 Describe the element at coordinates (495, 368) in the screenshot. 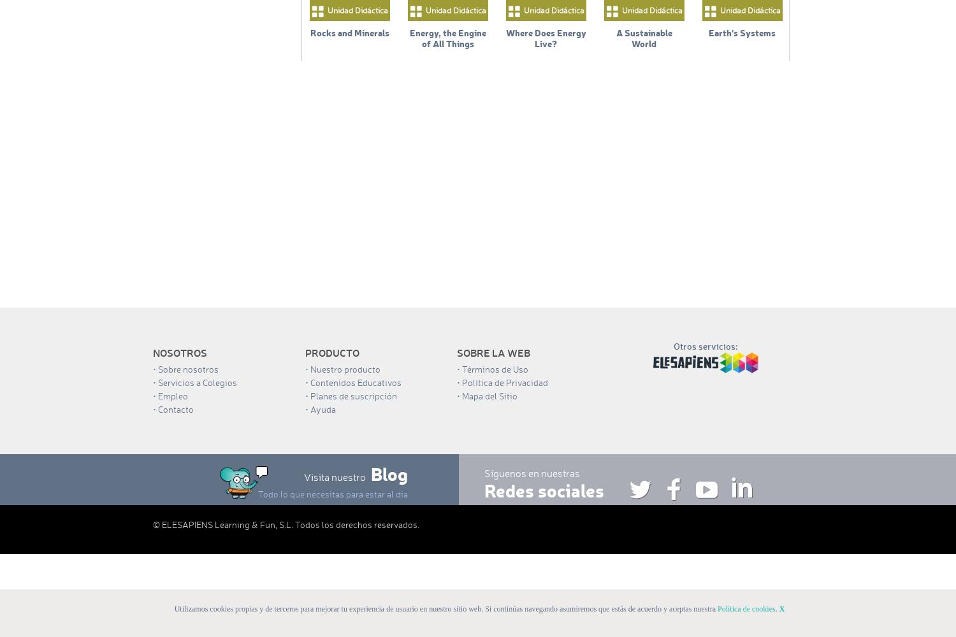

I see `'Términos de Uso'` at that location.